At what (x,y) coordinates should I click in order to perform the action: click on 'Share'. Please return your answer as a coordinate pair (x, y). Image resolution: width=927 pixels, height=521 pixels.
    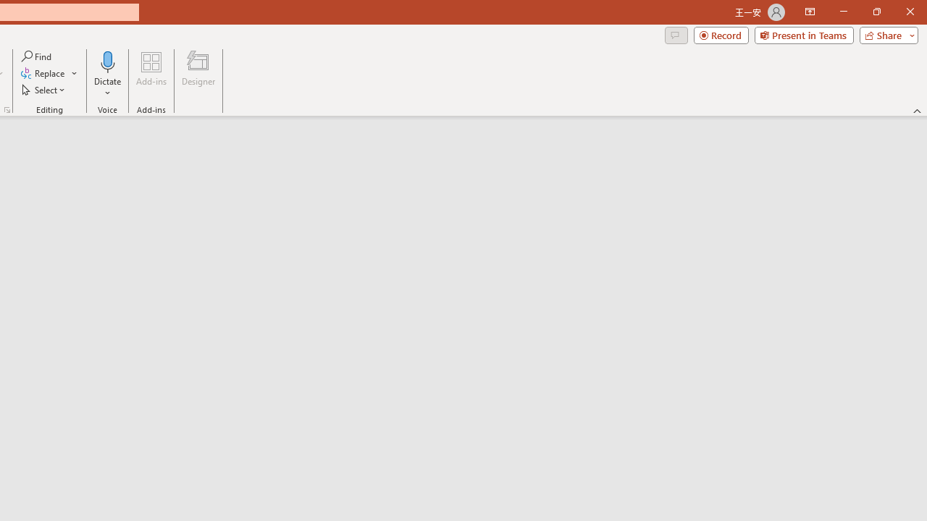
    Looking at the image, I should click on (885, 34).